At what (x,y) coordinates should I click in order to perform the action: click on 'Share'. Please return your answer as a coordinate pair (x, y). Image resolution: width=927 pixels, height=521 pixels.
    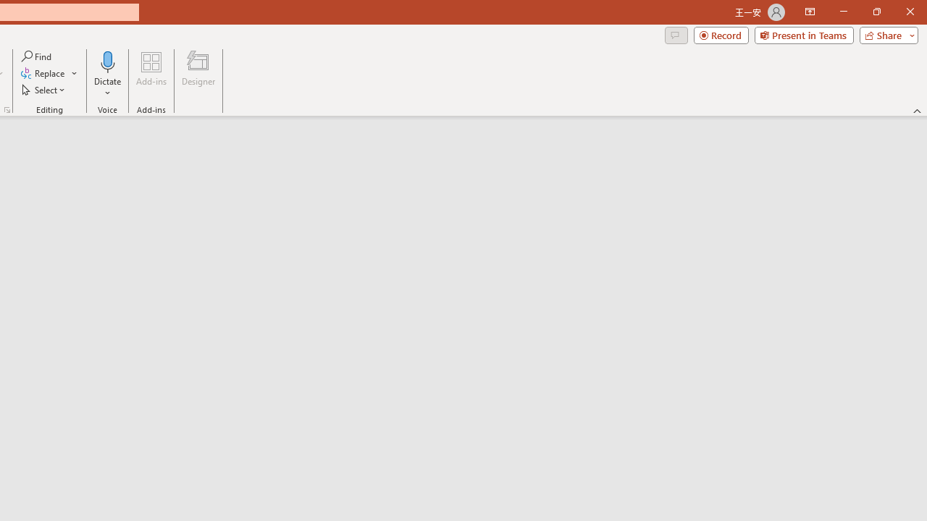
    Looking at the image, I should click on (885, 34).